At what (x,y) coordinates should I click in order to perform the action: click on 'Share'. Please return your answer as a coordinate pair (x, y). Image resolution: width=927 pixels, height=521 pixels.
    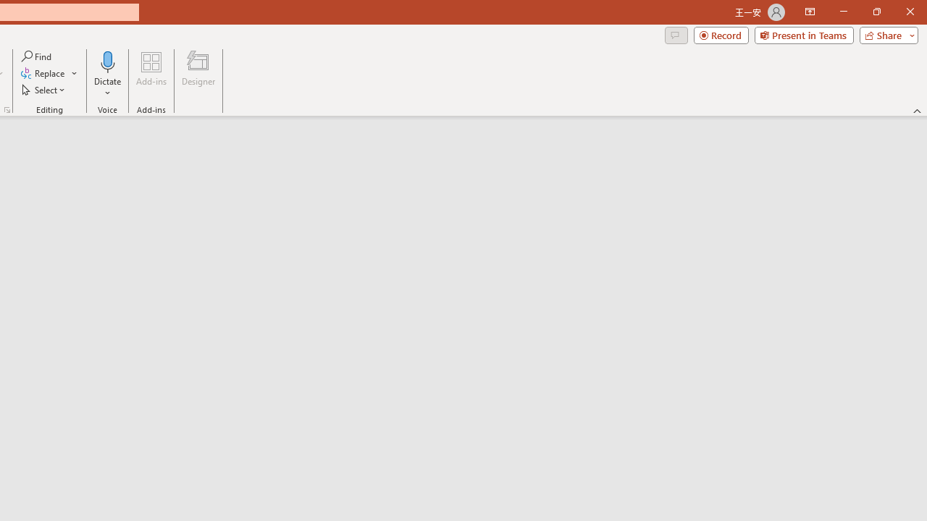
    Looking at the image, I should click on (885, 34).